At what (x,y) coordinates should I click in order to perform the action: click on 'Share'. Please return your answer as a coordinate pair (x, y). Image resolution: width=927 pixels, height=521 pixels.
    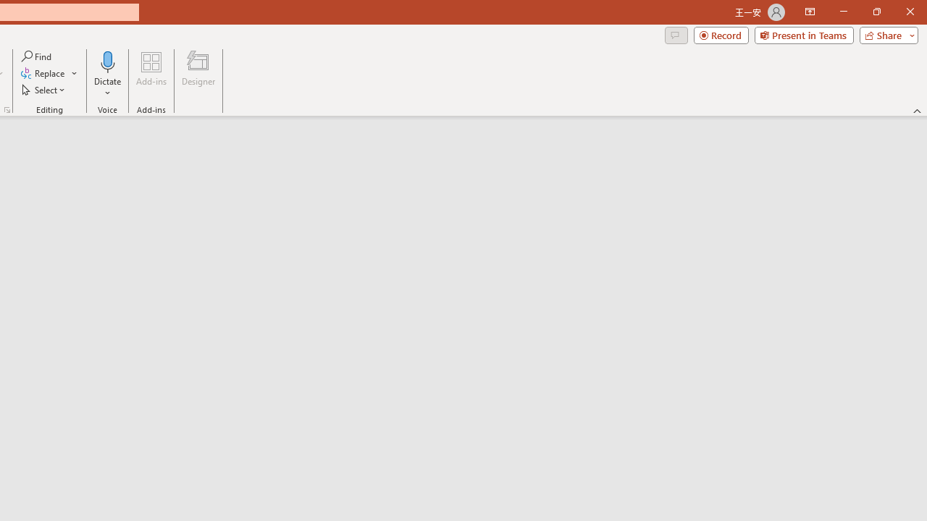
    Looking at the image, I should click on (885, 34).